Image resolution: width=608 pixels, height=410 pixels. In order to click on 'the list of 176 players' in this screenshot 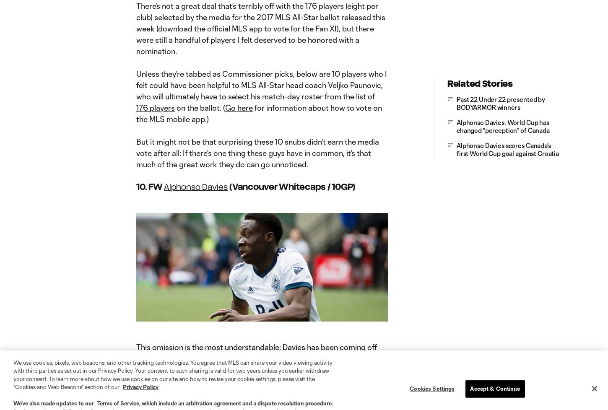, I will do `click(136, 101)`.